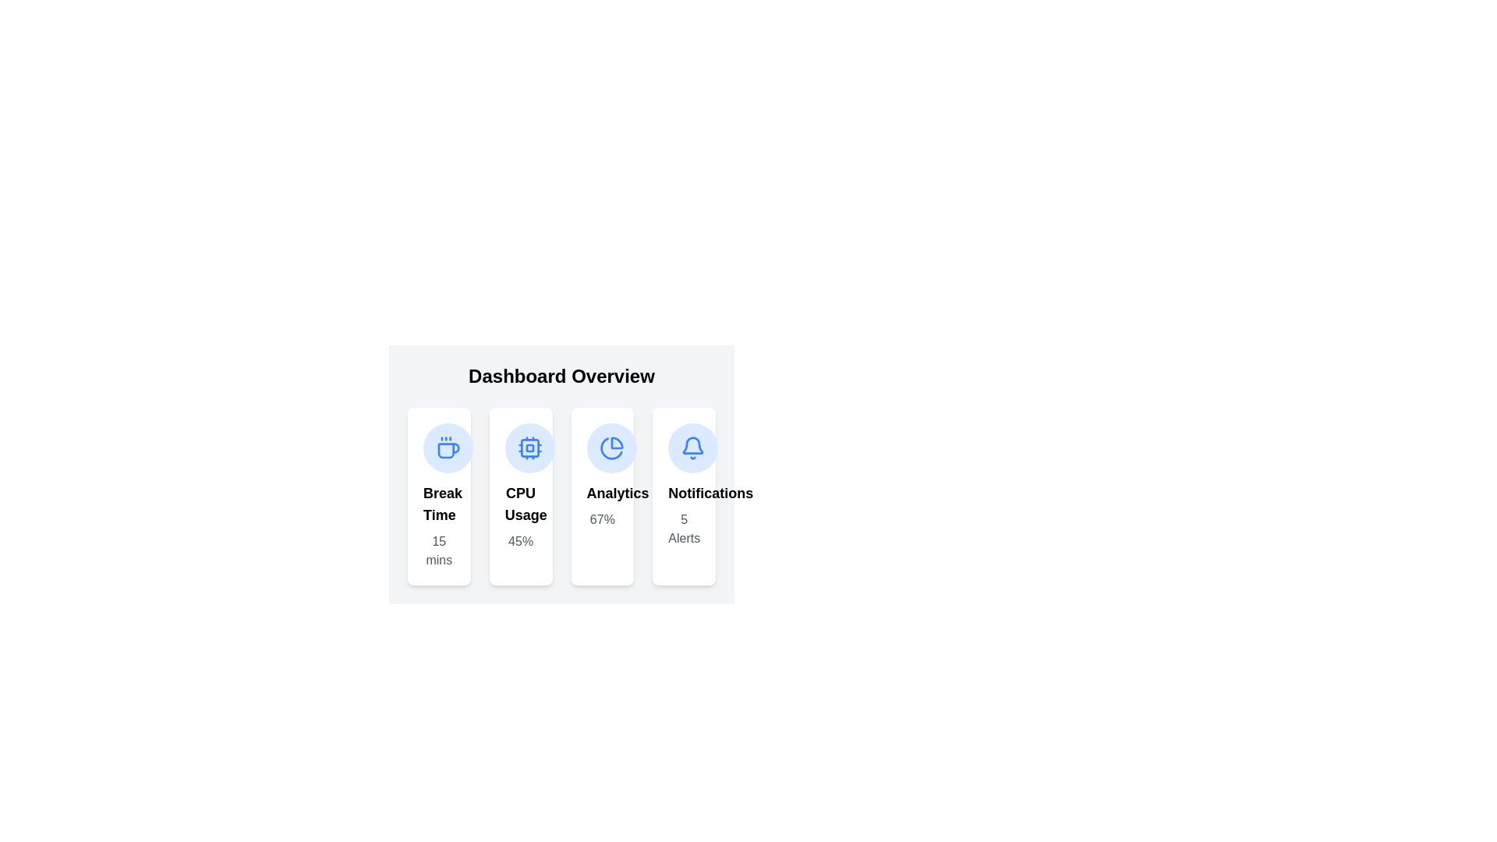  Describe the element at coordinates (521, 540) in the screenshot. I see `the CPU usage statistic text label located in the second card from the left, centrally positioned below the 'CPU Usage' label` at that location.